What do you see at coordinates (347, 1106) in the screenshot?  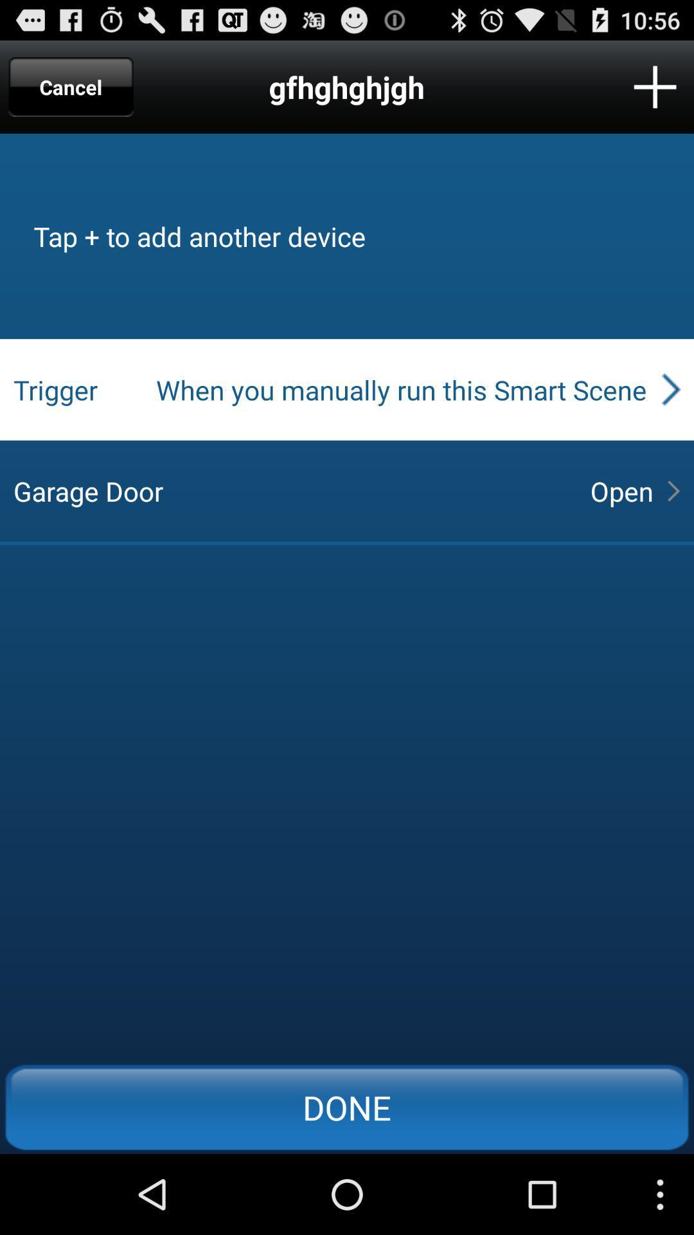 I see `done button` at bounding box center [347, 1106].